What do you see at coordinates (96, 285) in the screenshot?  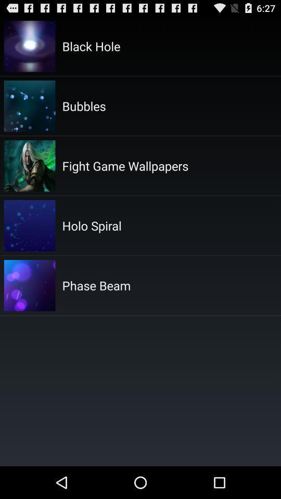 I see `the item below the holo spiral icon` at bounding box center [96, 285].